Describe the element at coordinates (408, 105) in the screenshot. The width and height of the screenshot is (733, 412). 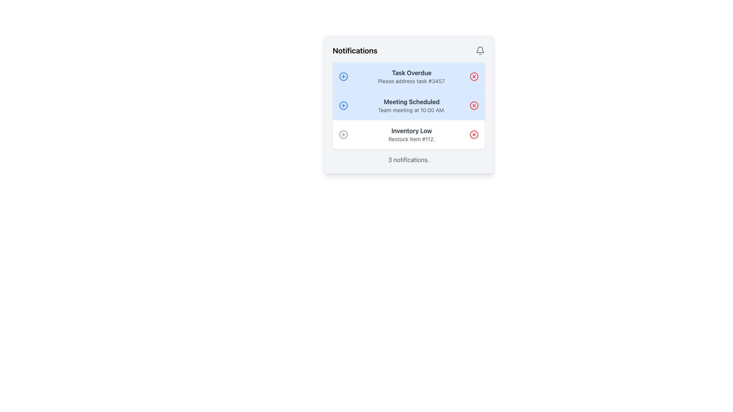
I see `the Notification panel containing the heading 'Notifications' and three listed notification items` at that location.